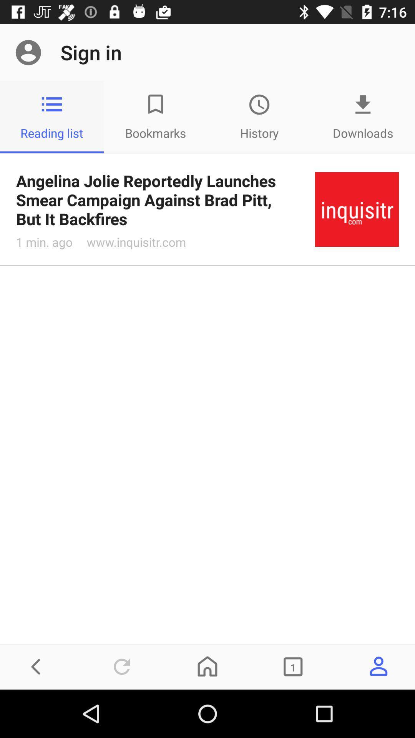 The height and width of the screenshot is (738, 415). I want to click on app to the left of the sign in item, so click(28, 52).